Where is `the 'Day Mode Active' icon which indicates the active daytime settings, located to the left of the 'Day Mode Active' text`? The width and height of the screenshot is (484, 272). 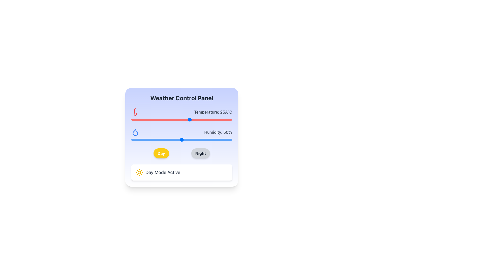
the 'Day Mode Active' icon which indicates the active daytime settings, located to the left of the 'Day Mode Active' text is located at coordinates (139, 172).